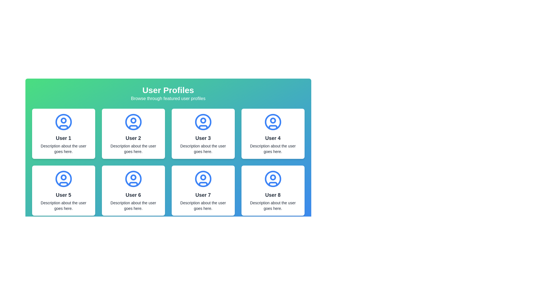 This screenshot has width=536, height=301. I want to click on the user profile placeholder card, so click(203, 190).